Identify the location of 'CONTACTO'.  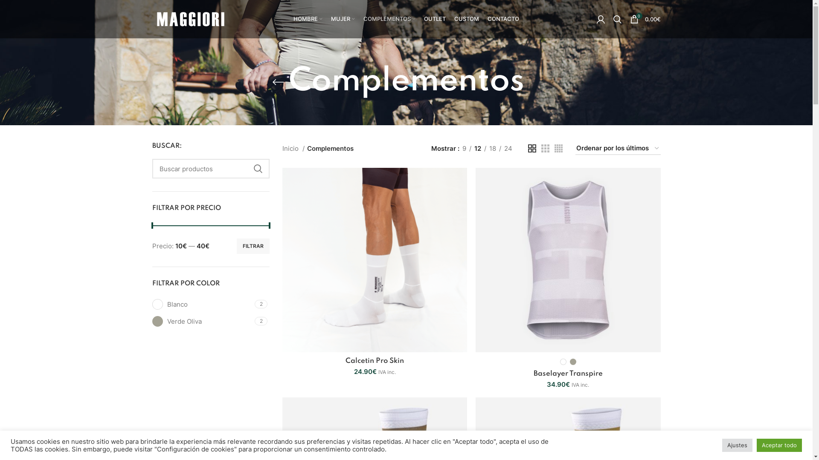
(503, 19).